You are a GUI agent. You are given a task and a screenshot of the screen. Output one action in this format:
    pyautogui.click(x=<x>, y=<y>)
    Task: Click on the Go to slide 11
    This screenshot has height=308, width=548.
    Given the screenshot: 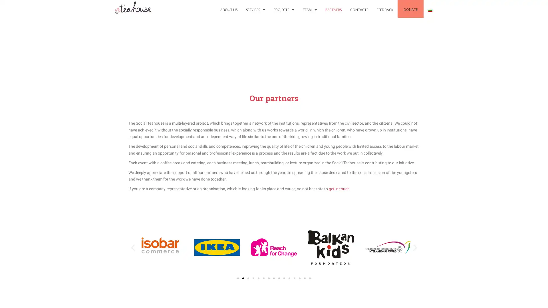 What is the action you would take?
    pyautogui.click(x=289, y=278)
    